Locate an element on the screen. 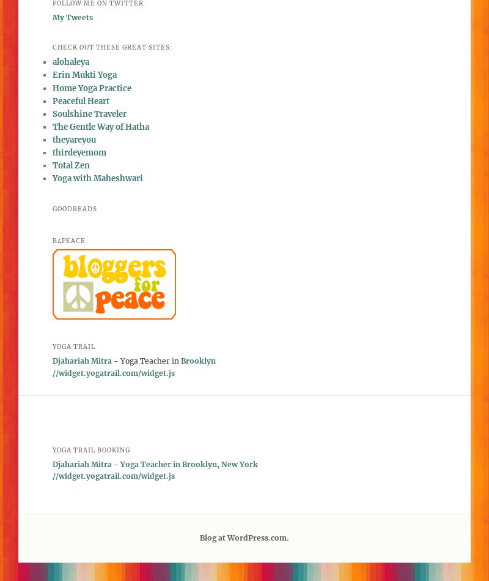  '- Yoga Teacher in' is located at coordinates (145, 360).